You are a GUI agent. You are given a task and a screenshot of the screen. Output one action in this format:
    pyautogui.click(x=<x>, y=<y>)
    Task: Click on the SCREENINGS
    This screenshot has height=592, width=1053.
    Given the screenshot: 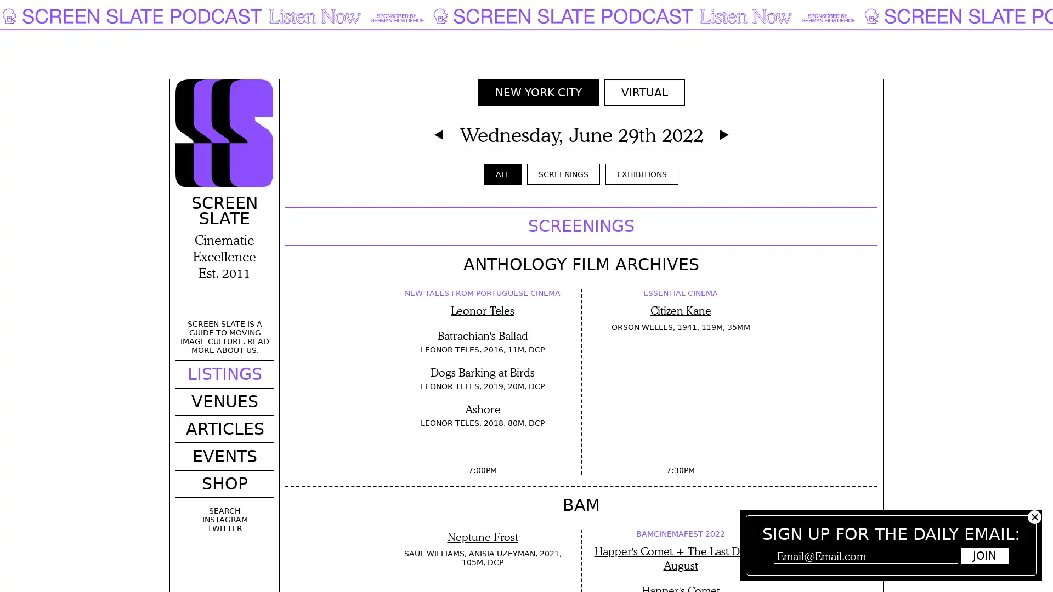 What is the action you would take?
    pyautogui.click(x=563, y=173)
    